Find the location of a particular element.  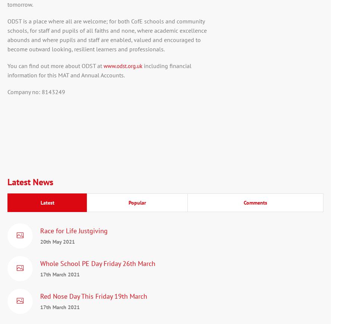

'Latest News' is located at coordinates (30, 182).